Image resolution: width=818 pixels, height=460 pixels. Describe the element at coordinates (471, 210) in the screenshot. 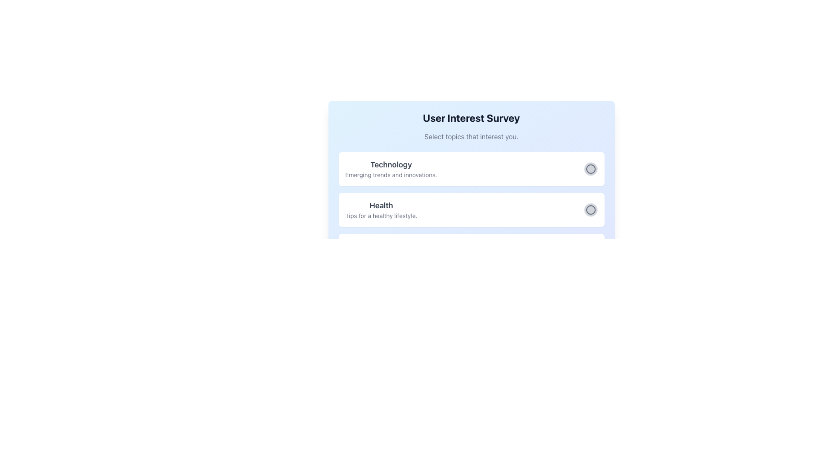

I see `the 'Health' Selectable Card, which is the second item in the list` at that location.